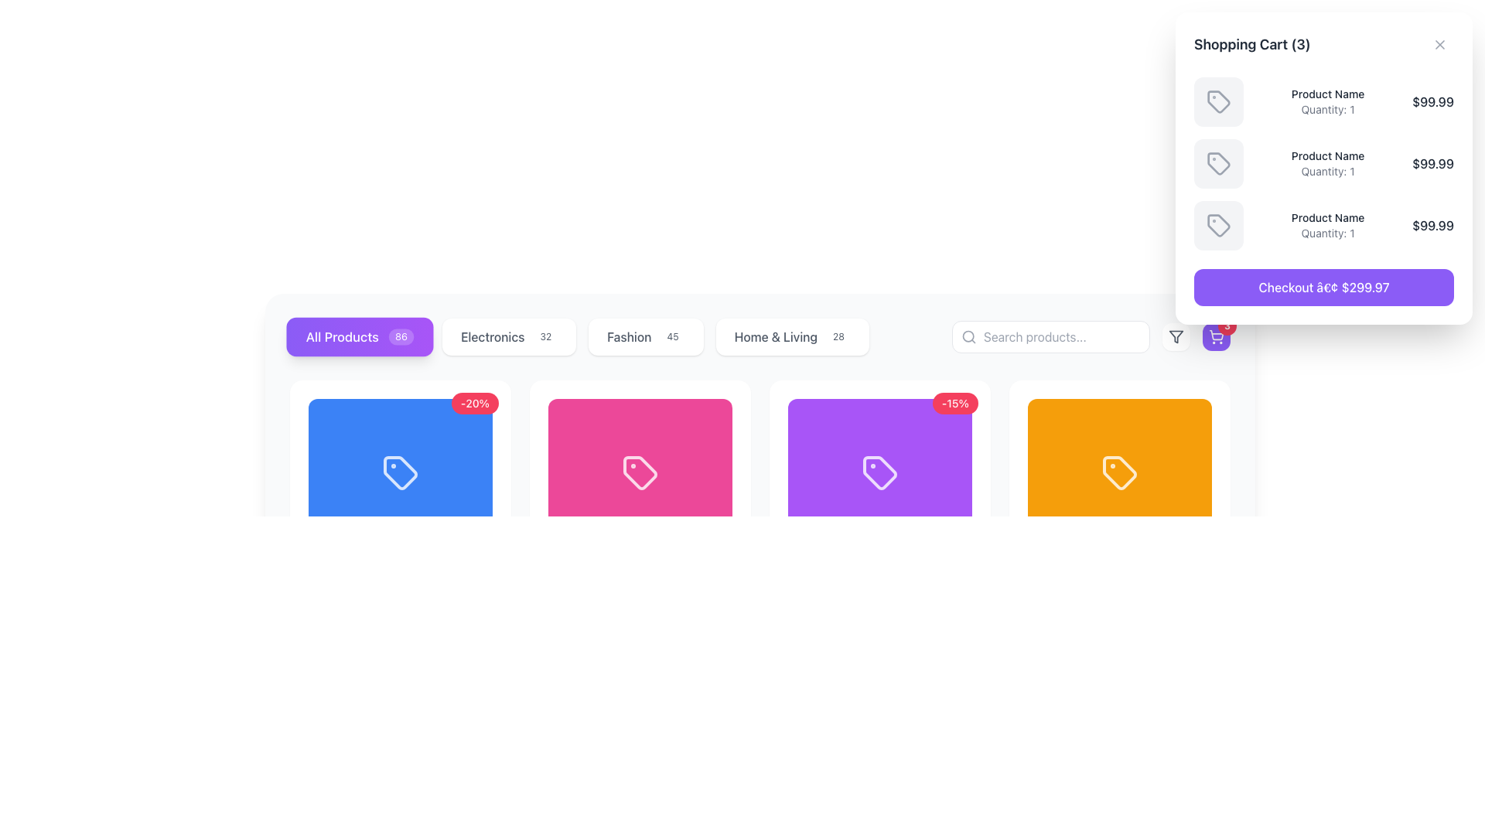  What do you see at coordinates (1216, 336) in the screenshot?
I see `the shopping cart icon located within the purple rounded rectangular button in the top-right corner of the interface` at bounding box center [1216, 336].